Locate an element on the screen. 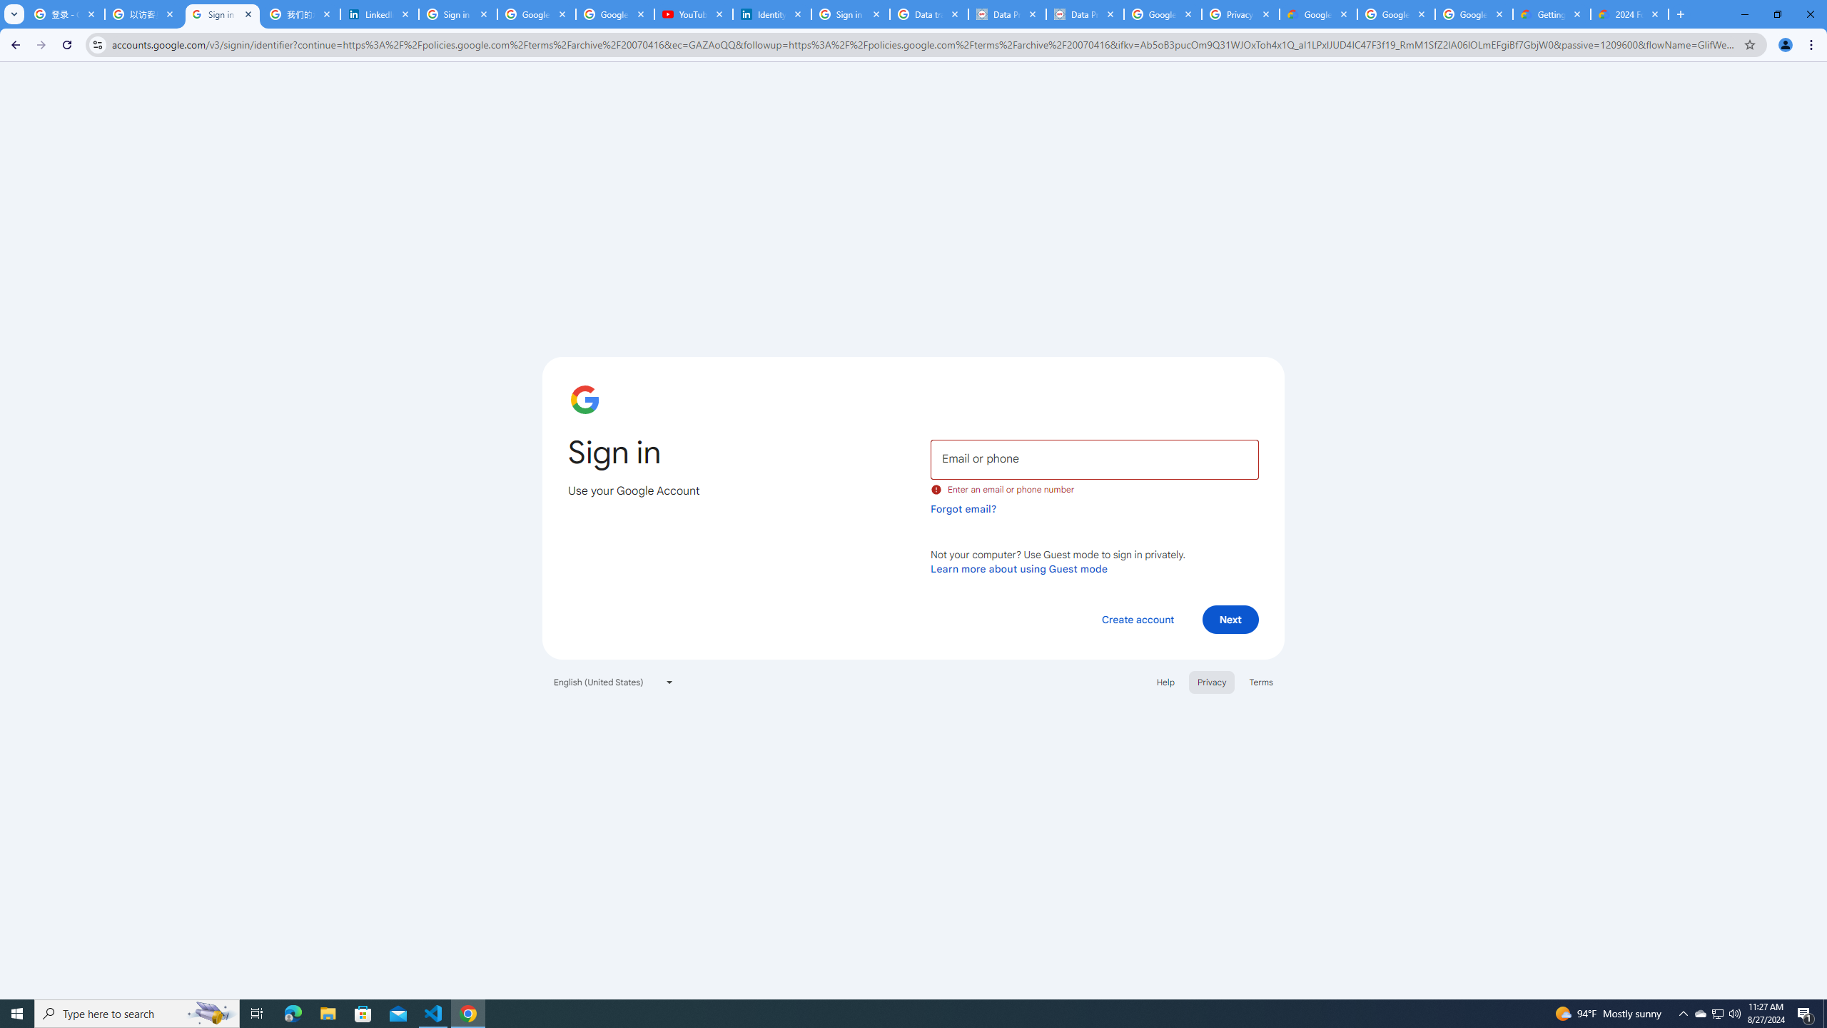 This screenshot has height=1028, width=1827. 'YouTube' is located at coordinates (693, 14).